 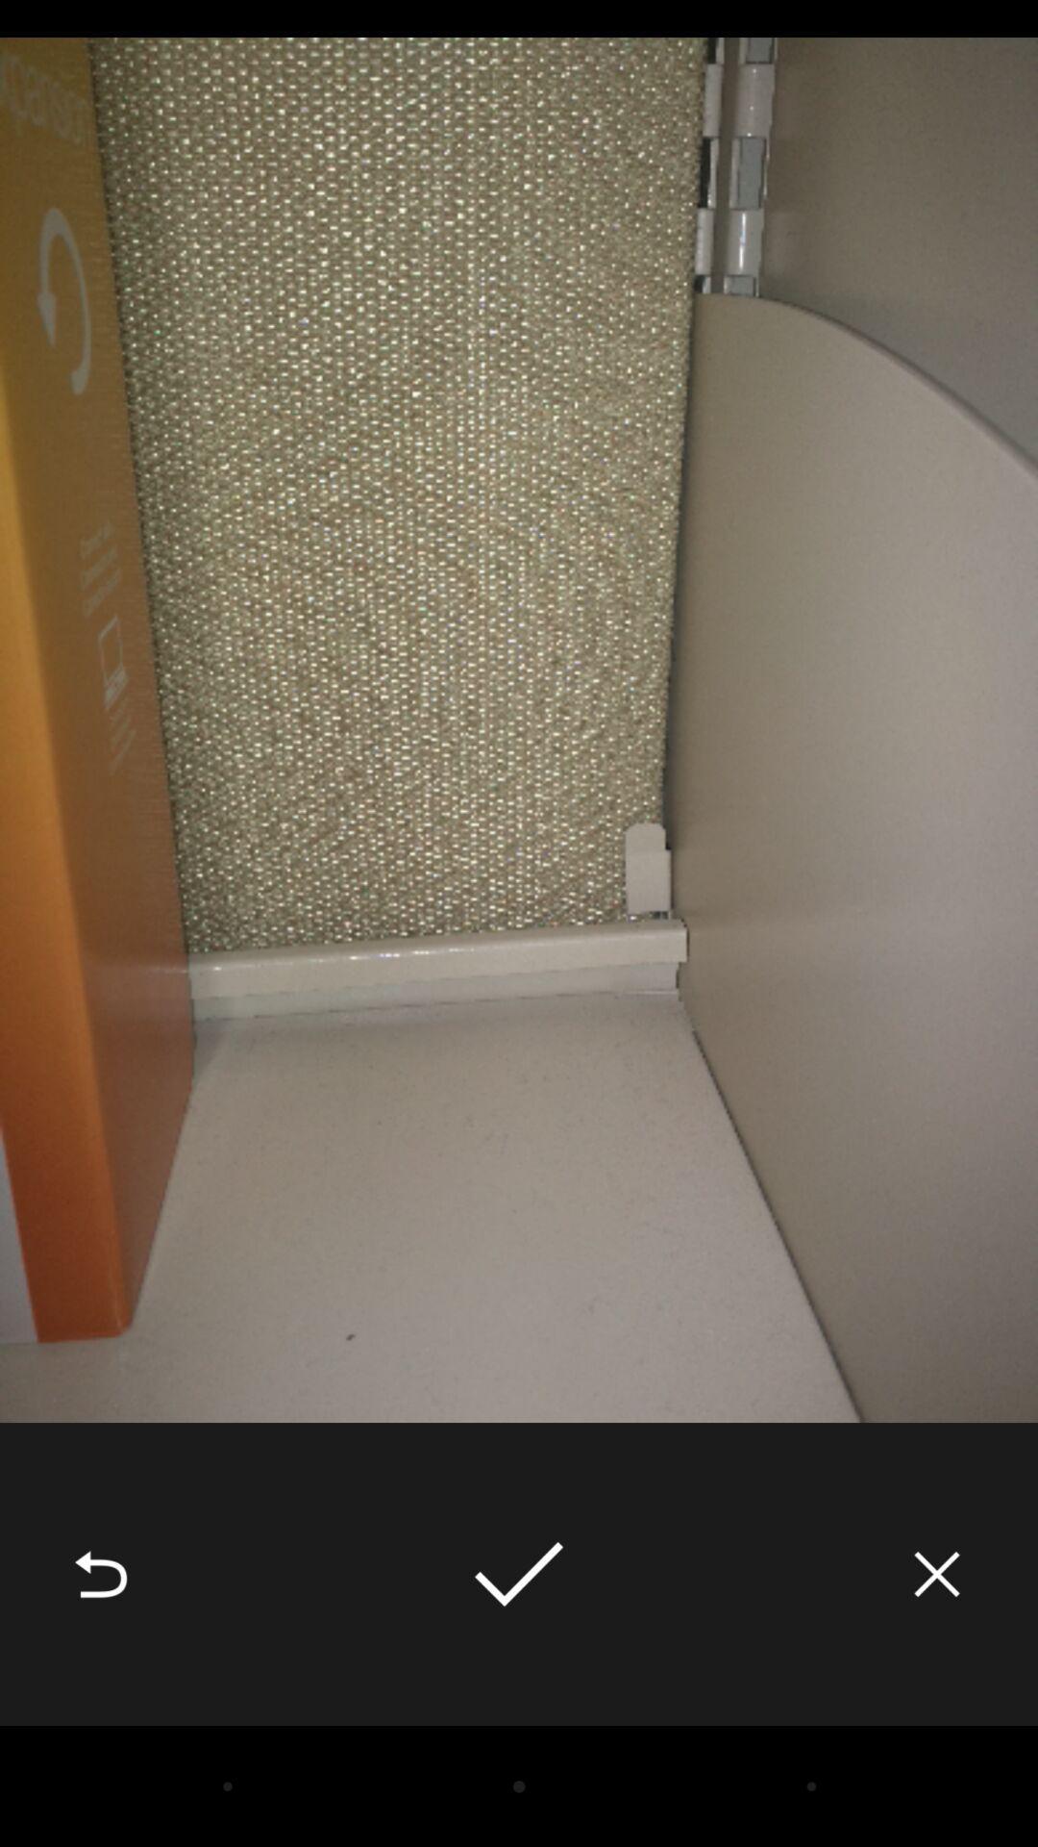 What do you see at coordinates (936, 1574) in the screenshot?
I see `the icon at the bottom right corner` at bounding box center [936, 1574].